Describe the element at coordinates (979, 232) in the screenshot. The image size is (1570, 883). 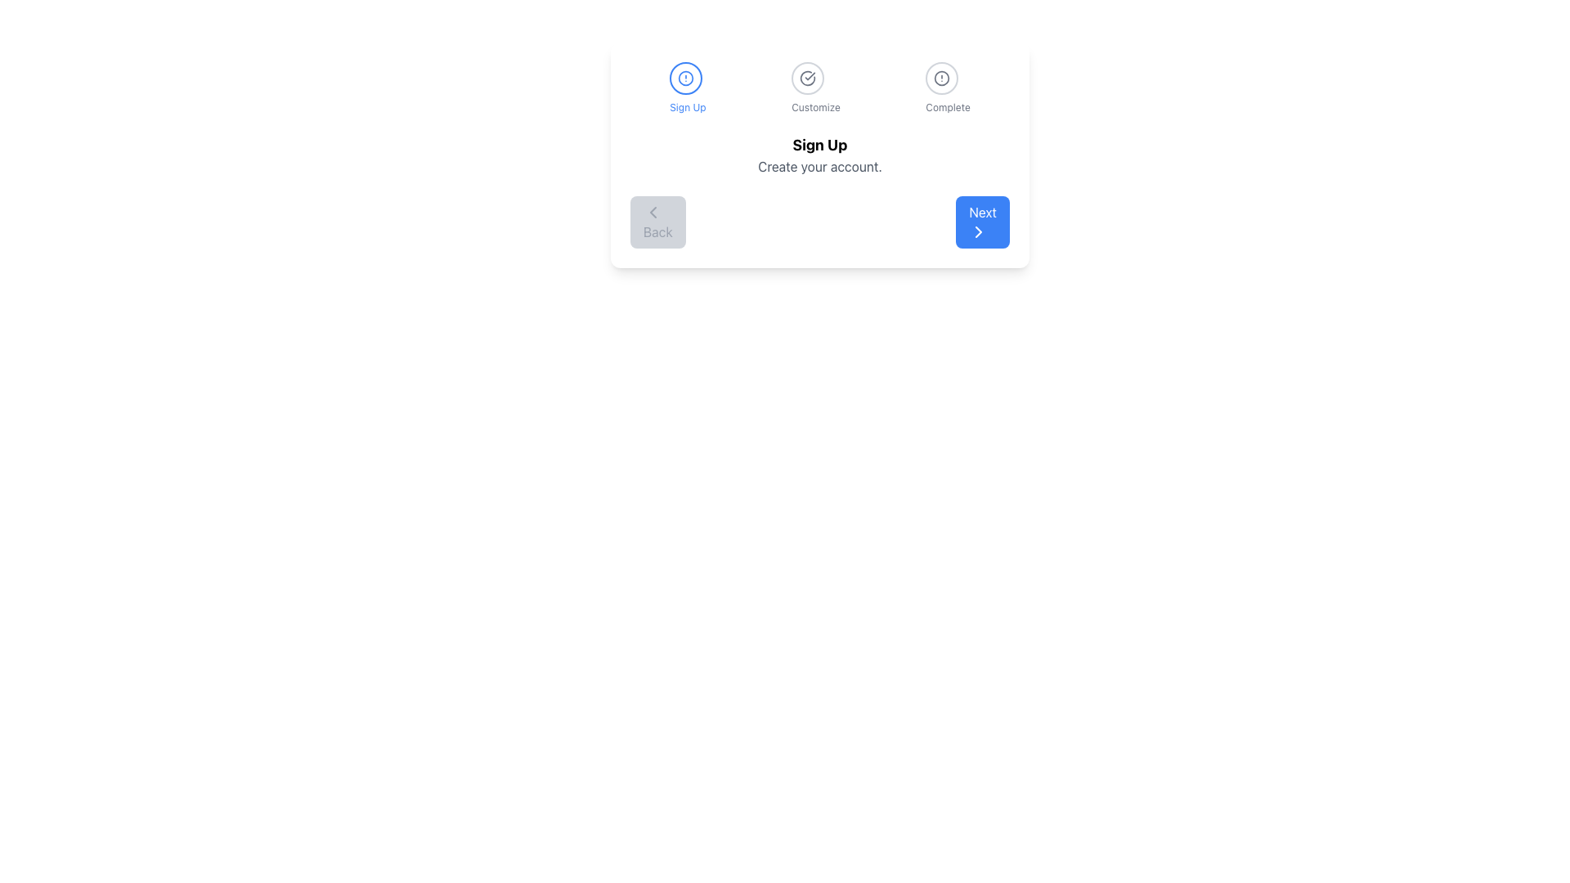
I see `the right-pointing chevron icon, which is positioned within a circular enclosure and aligned to the right of the 'Next' button` at that location.